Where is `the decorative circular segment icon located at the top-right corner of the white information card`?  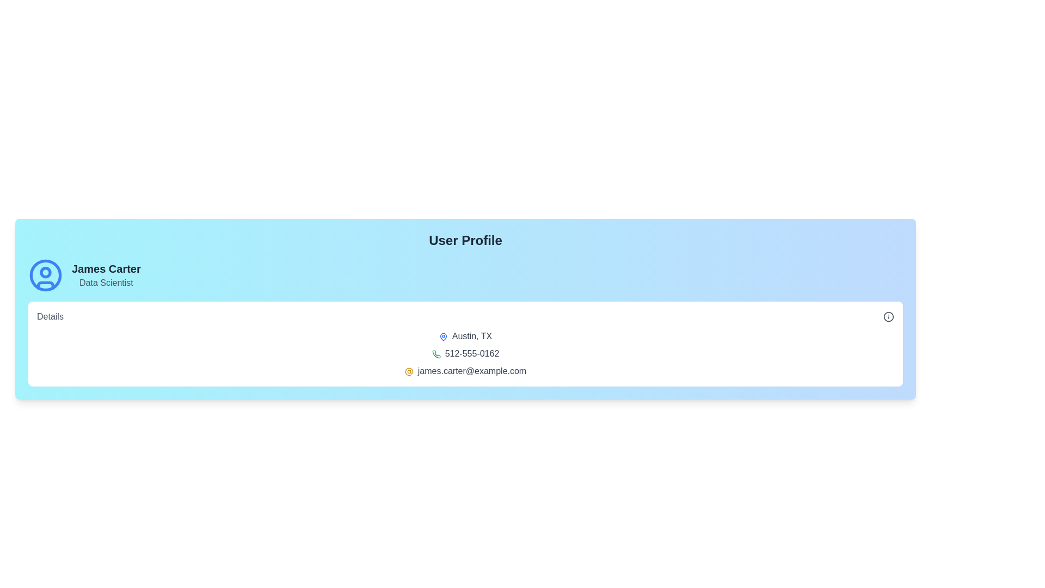
the decorative circular segment icon located at the top-right corner of the white information card is located at coordinates (888, 317).